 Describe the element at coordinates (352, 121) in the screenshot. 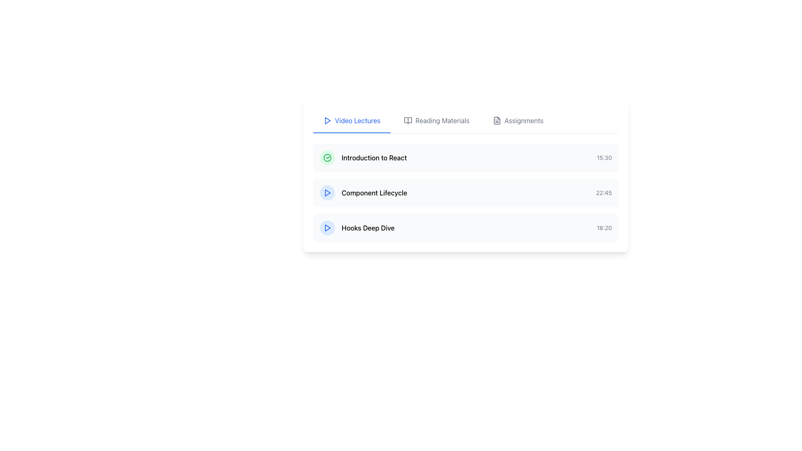

I see `the first item in the horizontal navigation list, which is the Navigation Tab for video lectures` at that location.